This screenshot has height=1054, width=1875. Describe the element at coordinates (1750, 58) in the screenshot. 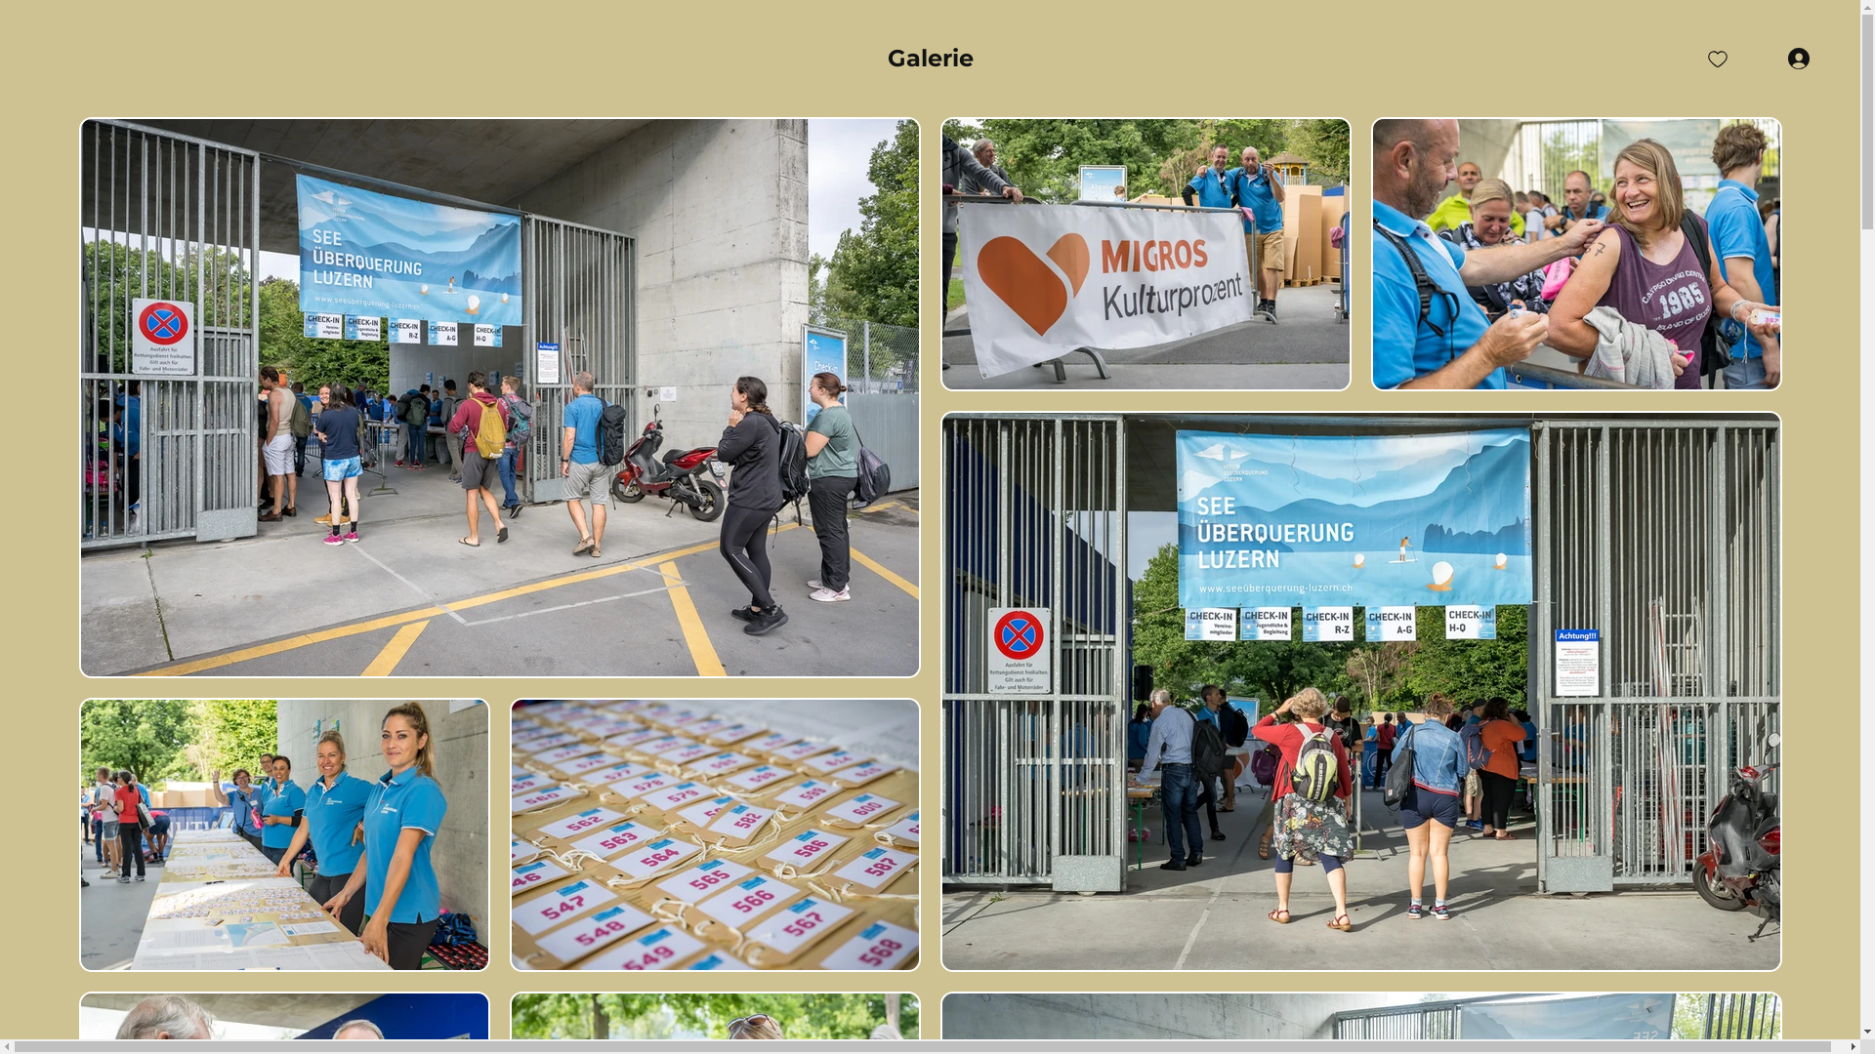

I see `'Anmelden'` at that location.